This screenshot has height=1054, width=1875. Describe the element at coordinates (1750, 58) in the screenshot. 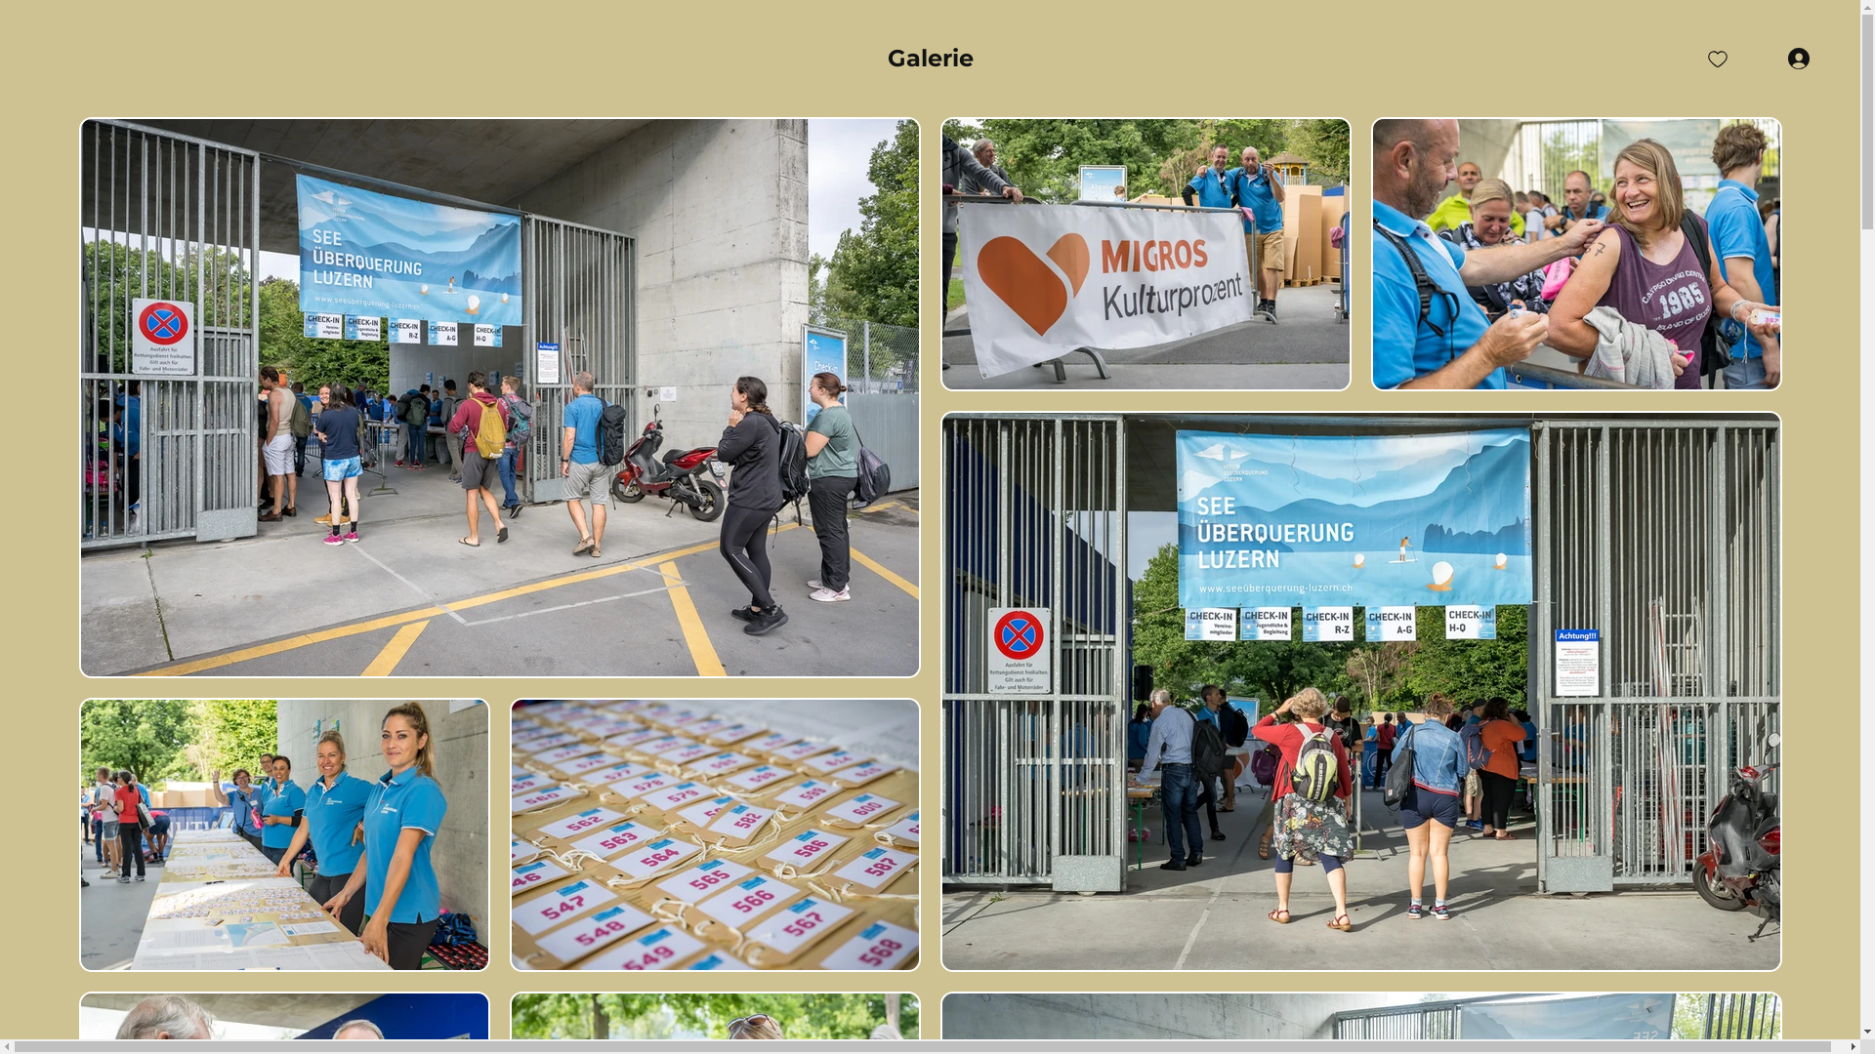

I see `'Anmelden'` at that location.